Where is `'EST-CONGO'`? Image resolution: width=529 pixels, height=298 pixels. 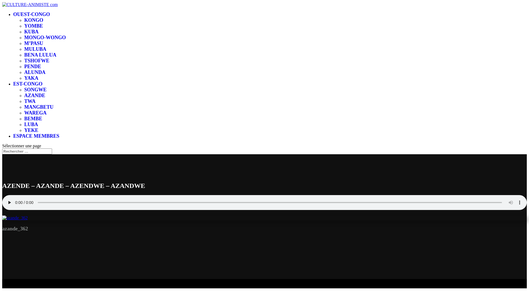
'EST-CONGO' is located at coordinates (27, 84).